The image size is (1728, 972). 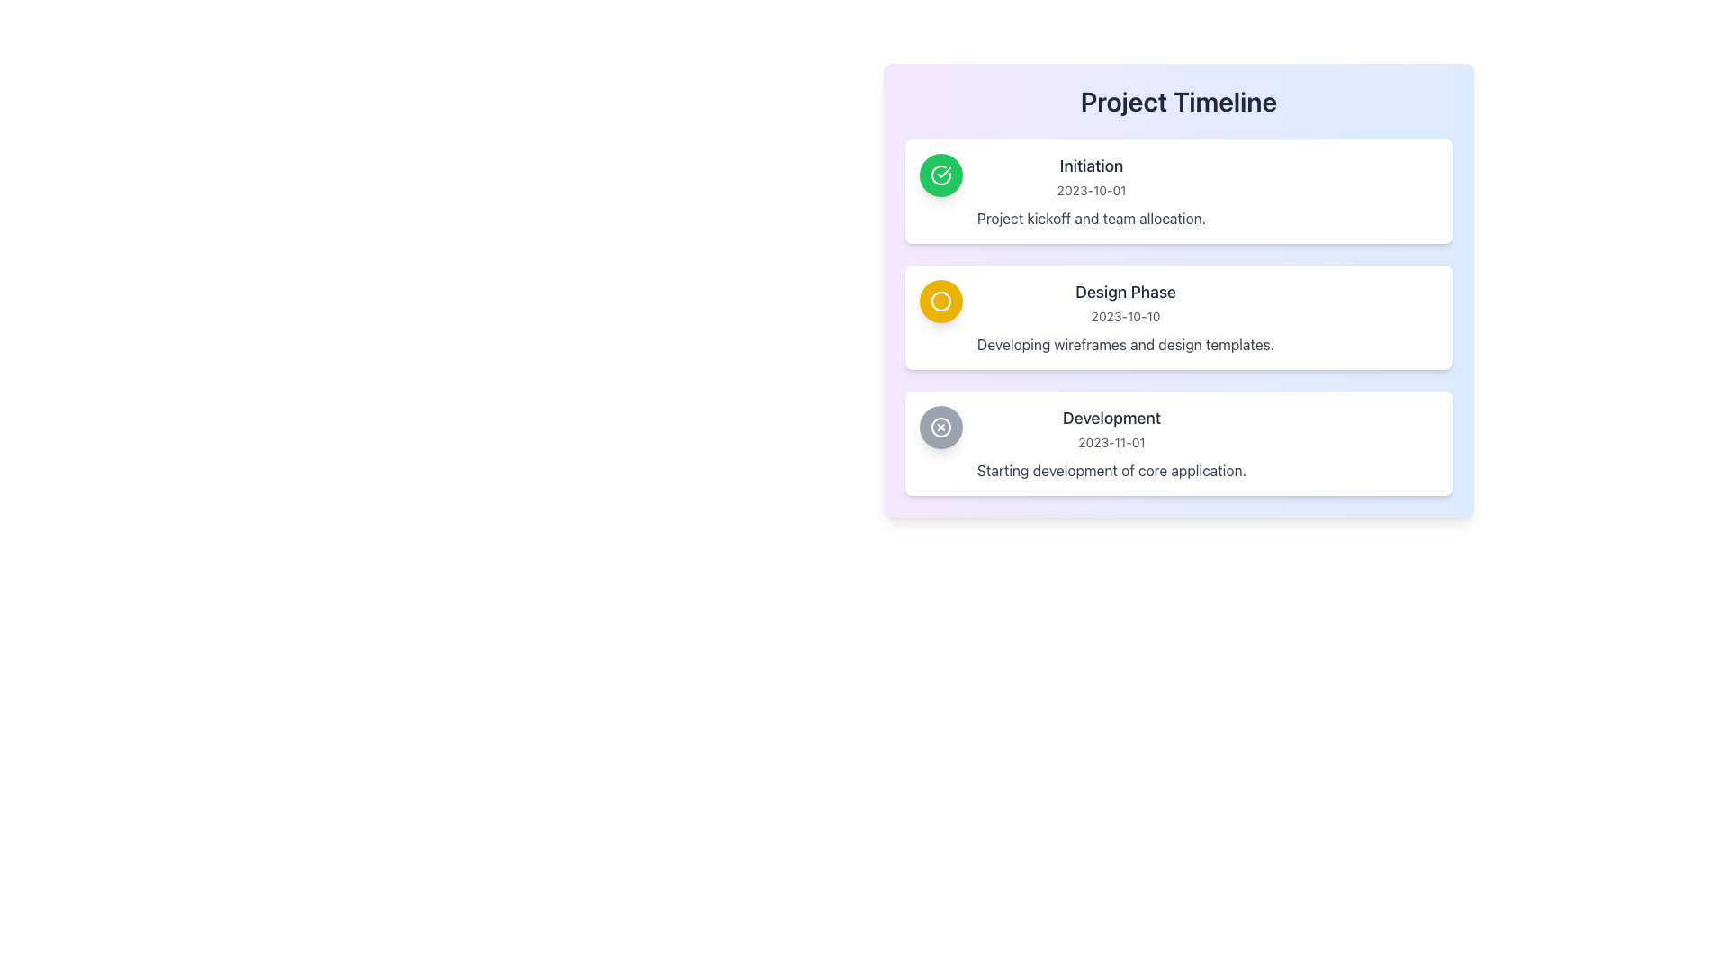 What do you see at coordinates (1179, 191) in the screenshot?
I see `the Information card in the 'Project Timeline' section to trigger the tooltip or highlight effect` at bounding box center [1179, 191].